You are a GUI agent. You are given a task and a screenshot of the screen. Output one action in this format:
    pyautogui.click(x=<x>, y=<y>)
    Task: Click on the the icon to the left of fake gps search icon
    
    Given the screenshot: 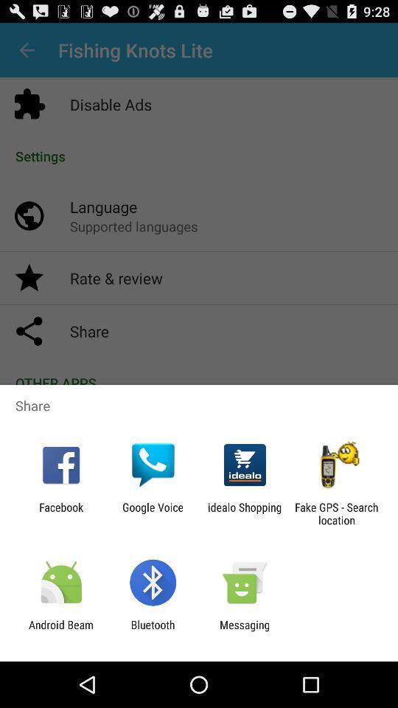 What is the action you would take?
    pyautogui.click(x=245, y=513)
    